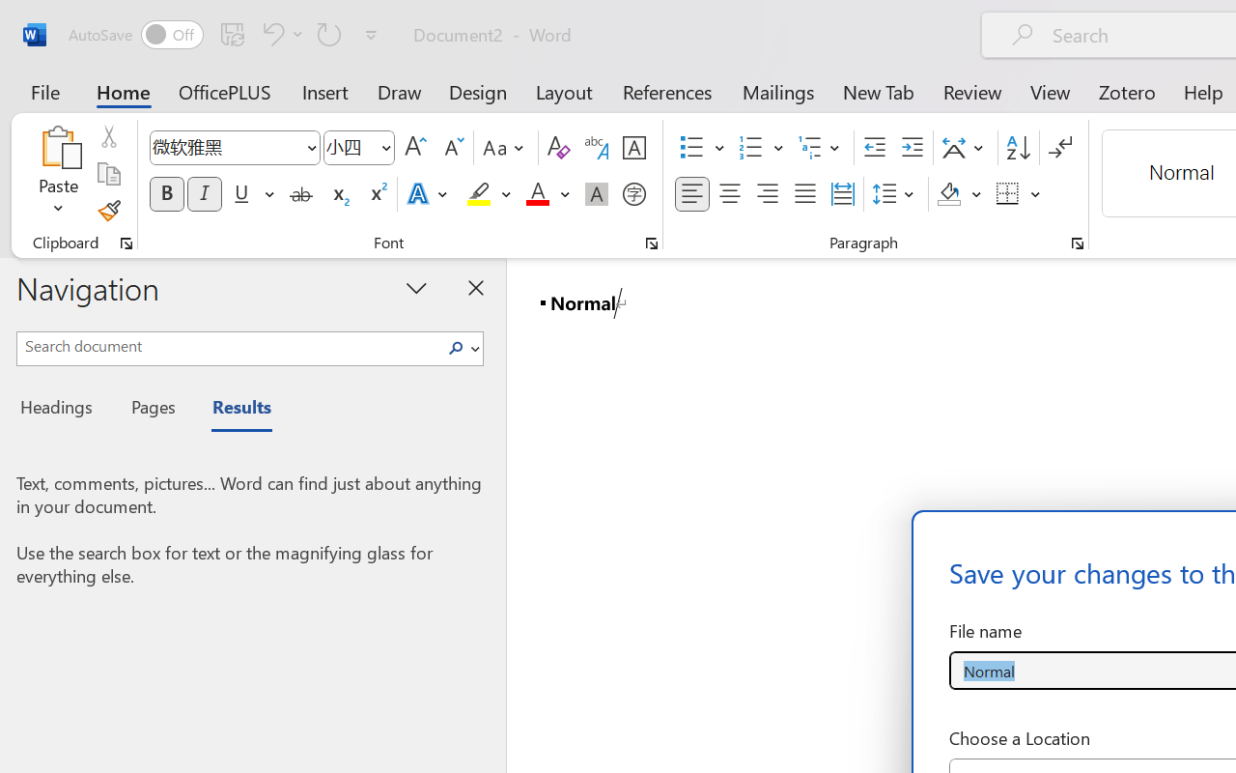  Describe the element at coordinates (895, 194) in the screenshot. I see `'Line and Paragraph Spacing'` at that location.